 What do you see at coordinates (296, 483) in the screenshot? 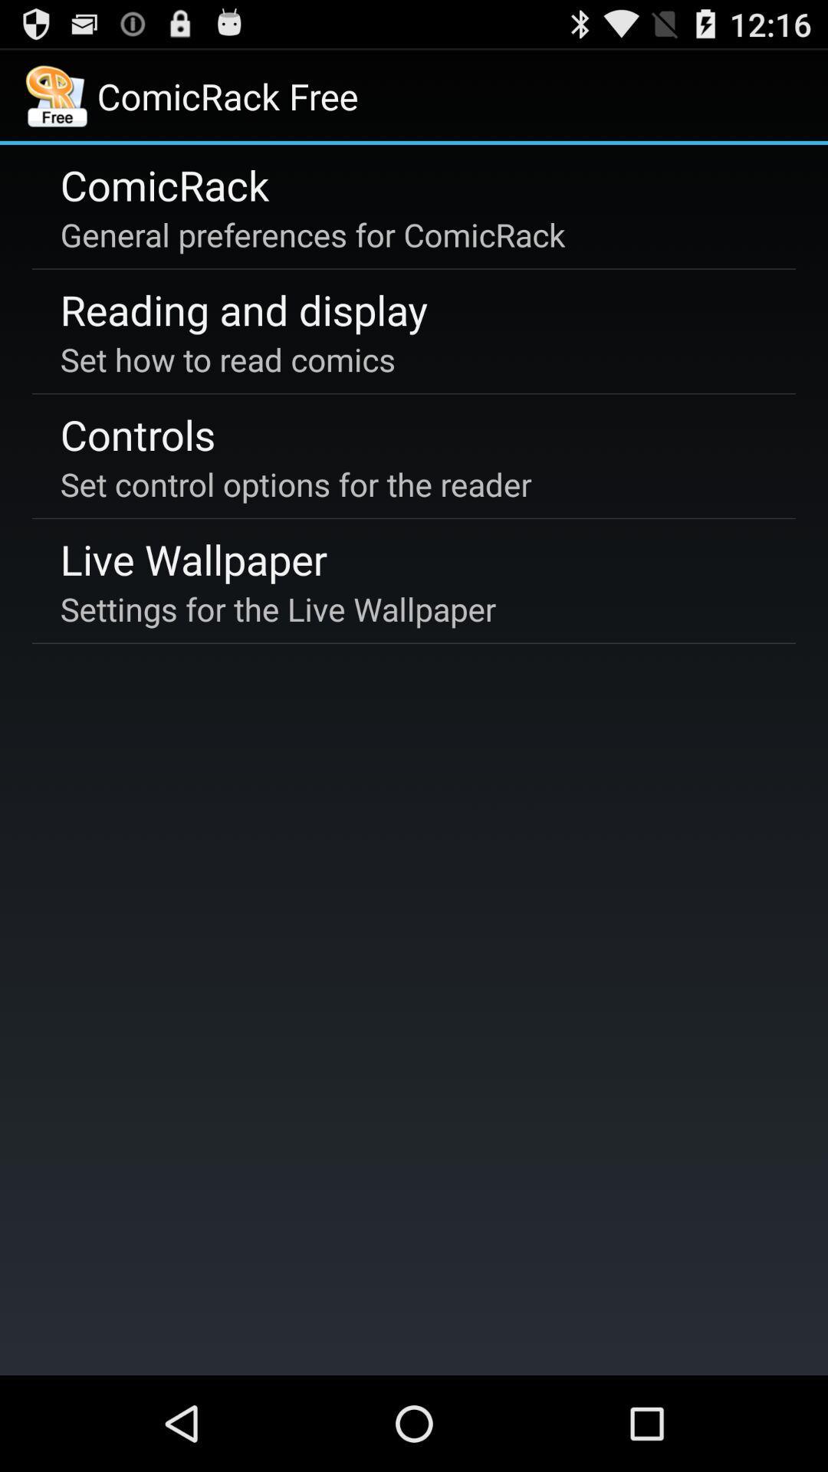
I see `the app above the live wallpaper` at bounding box center [296, 483].